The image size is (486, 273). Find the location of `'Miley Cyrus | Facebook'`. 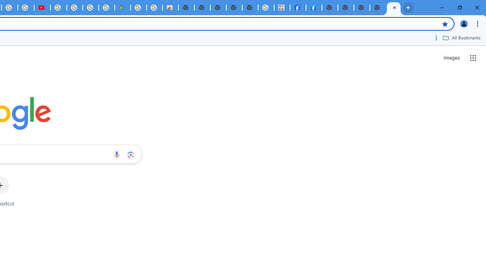

'Miley Cyrus | Facebook' is located at coordinates (298, 8).